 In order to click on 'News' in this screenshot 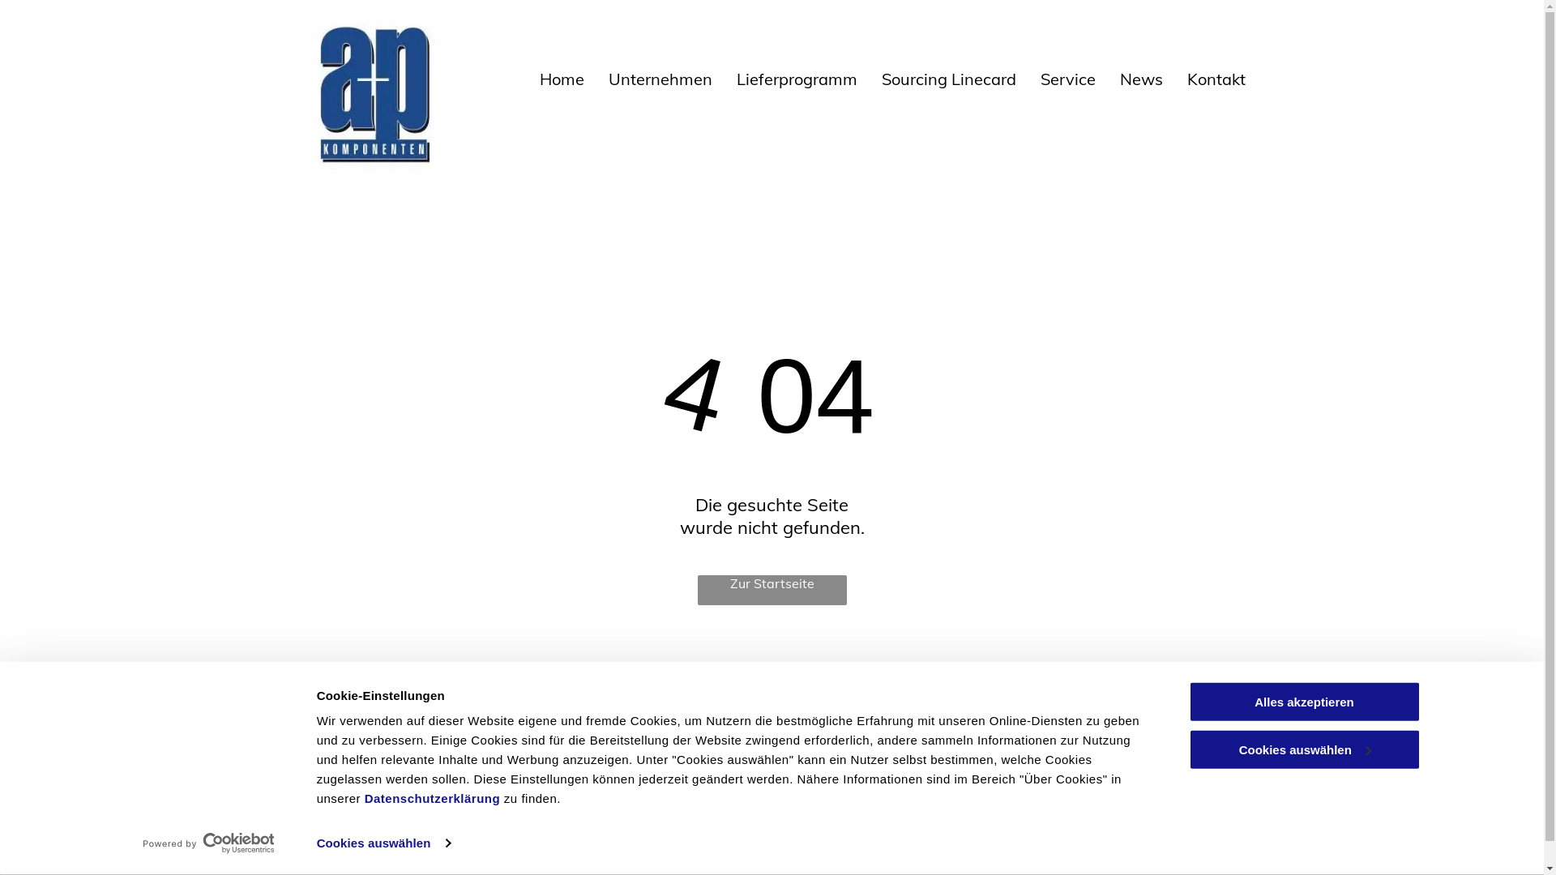, I will do `click(1128, 79)`.